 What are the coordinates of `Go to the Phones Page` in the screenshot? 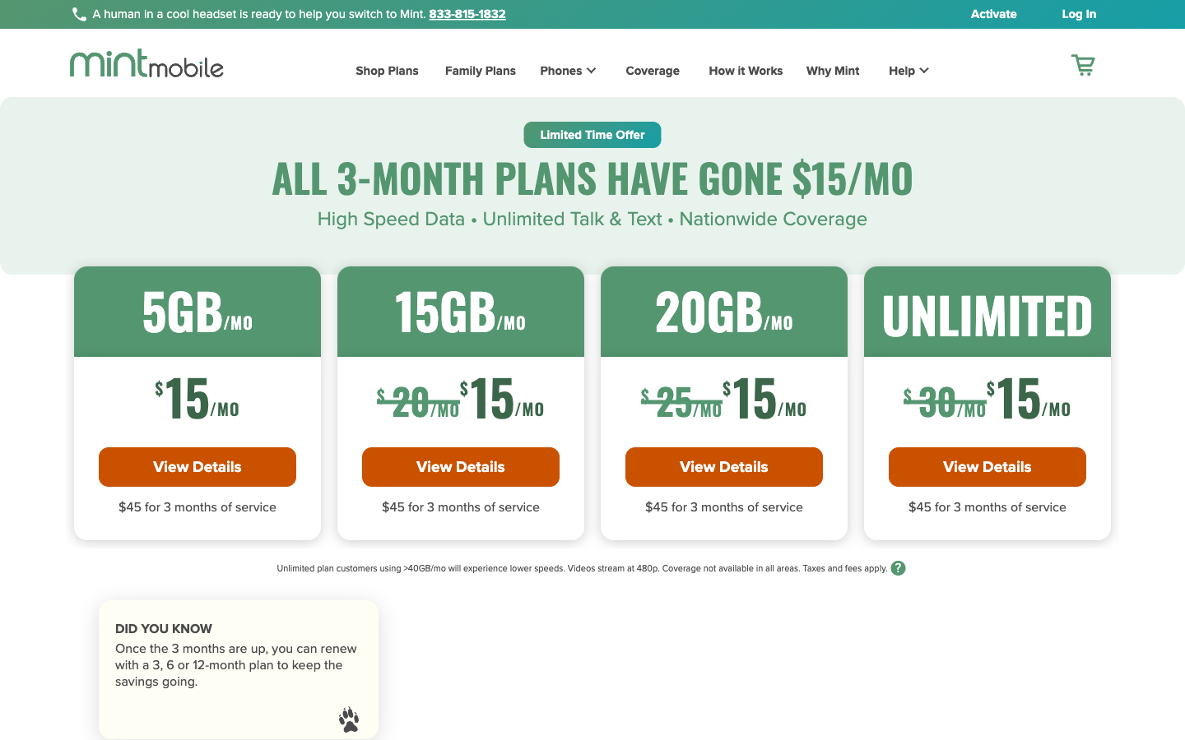 It's located at (555, 72).